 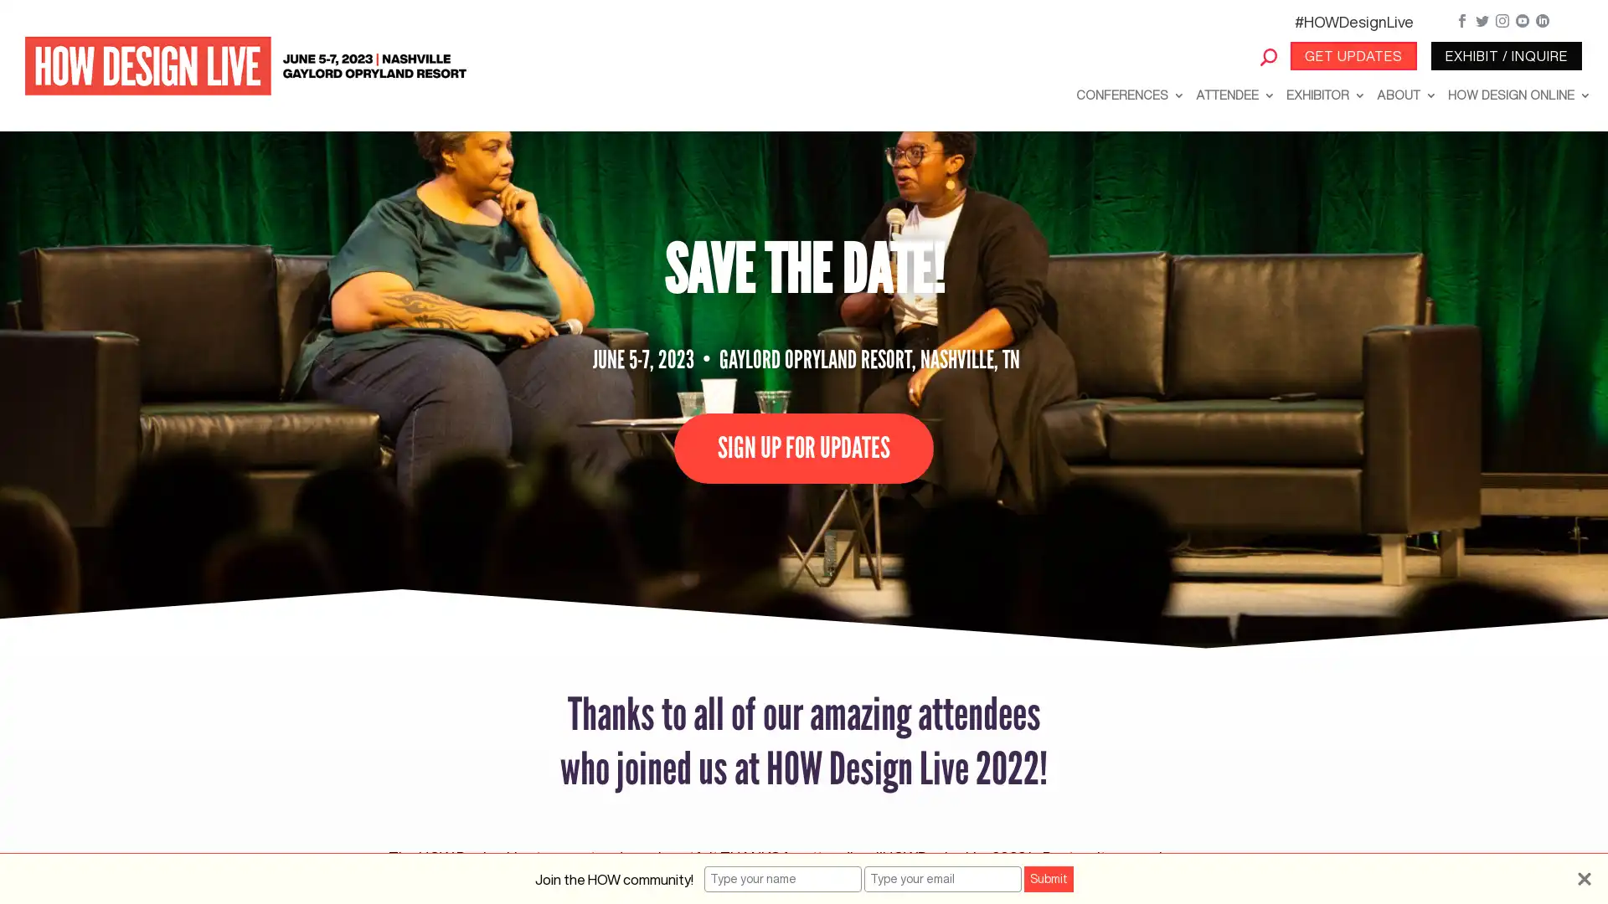 What do you see at coordinates (1047, 878) in the screenshot?
I see `Submit` at bounding box center [1047, 878].